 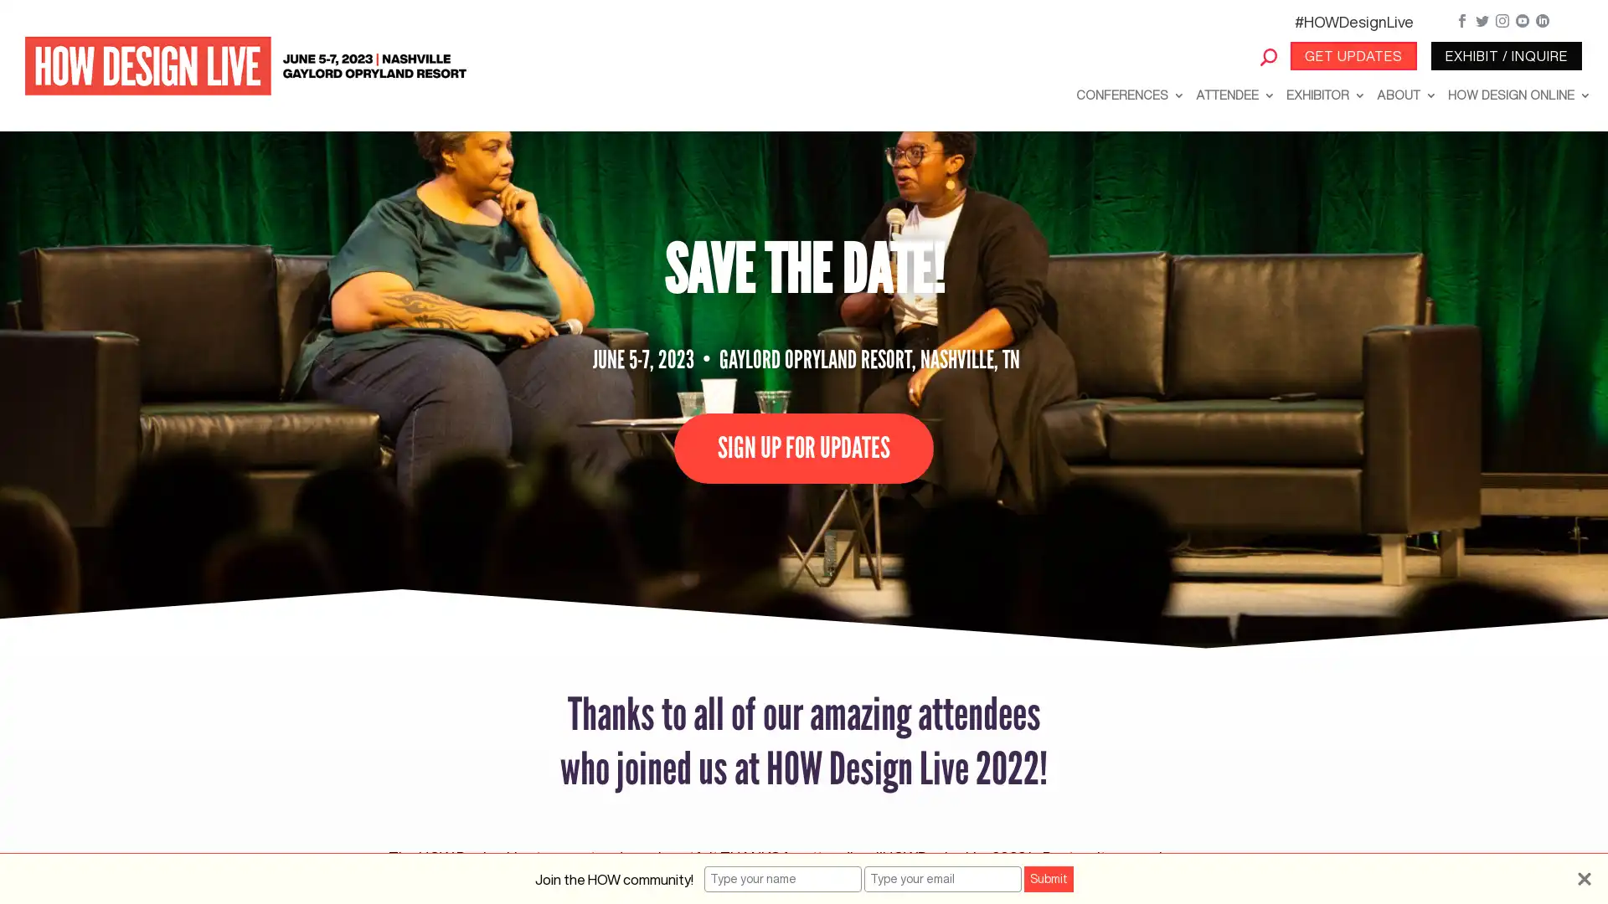 What do you see at coordinates (1047, 878) in the screenshot?
I see `Submit` at bounding box center [1047, 878].